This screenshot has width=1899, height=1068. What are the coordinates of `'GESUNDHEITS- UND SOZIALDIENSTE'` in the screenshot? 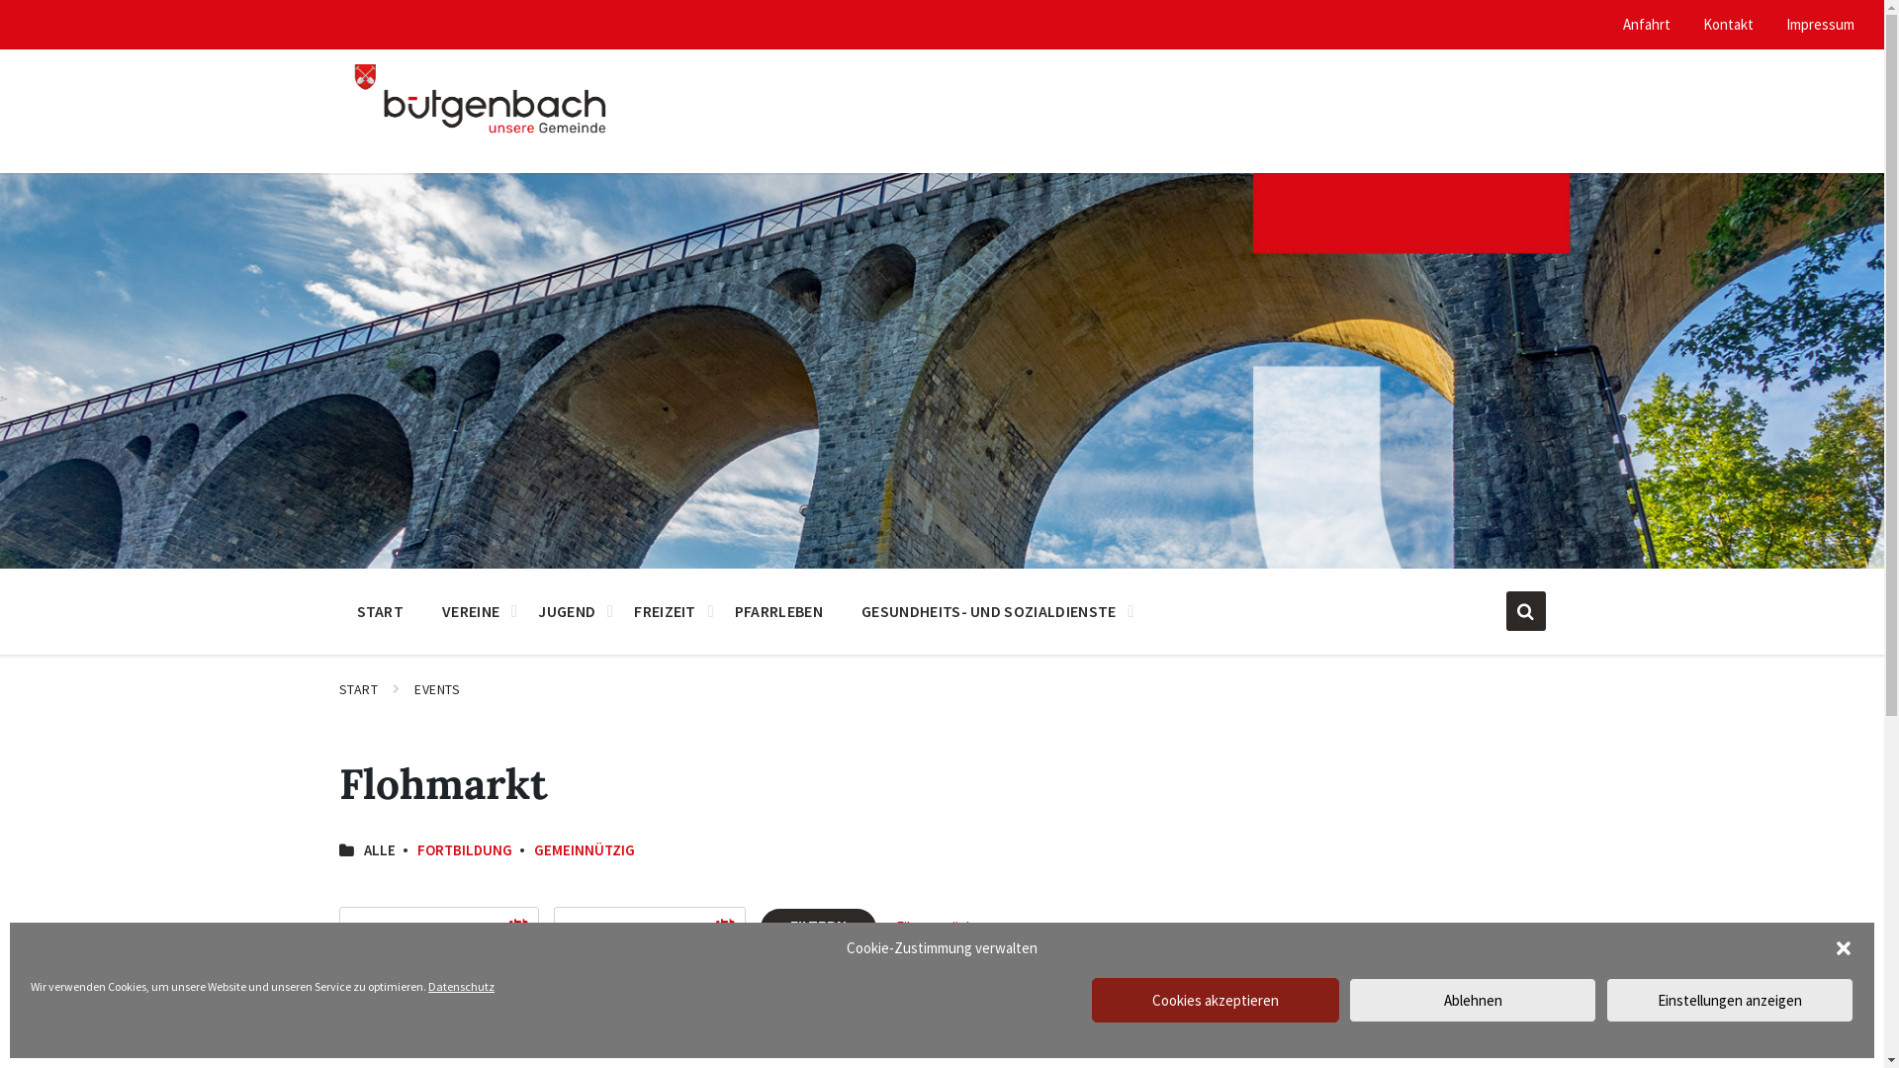 It's located at (988, 609).